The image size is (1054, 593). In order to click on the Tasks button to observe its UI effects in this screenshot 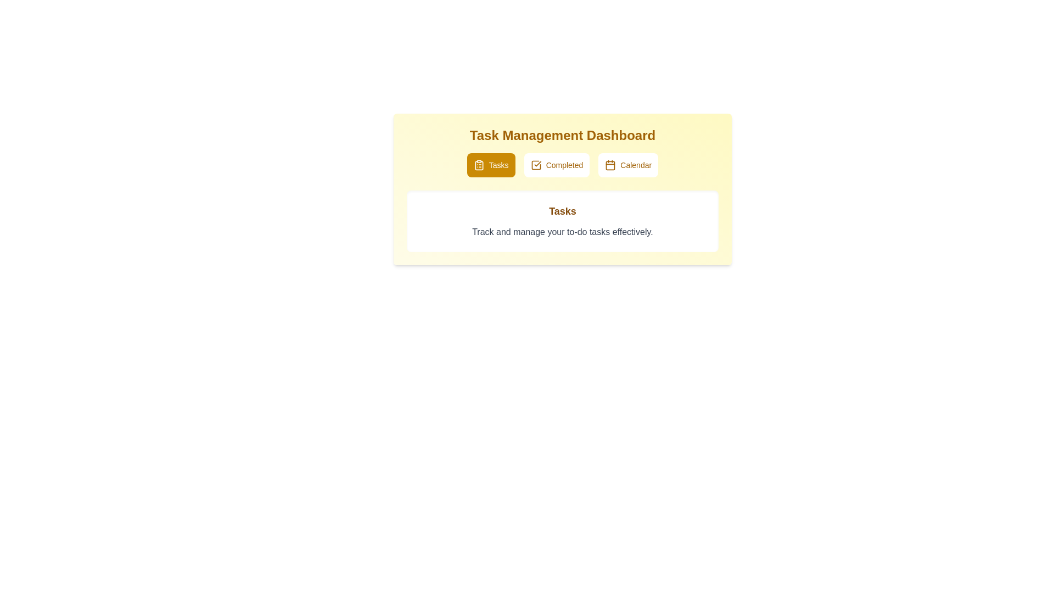, I will do `click(490, 165)`.